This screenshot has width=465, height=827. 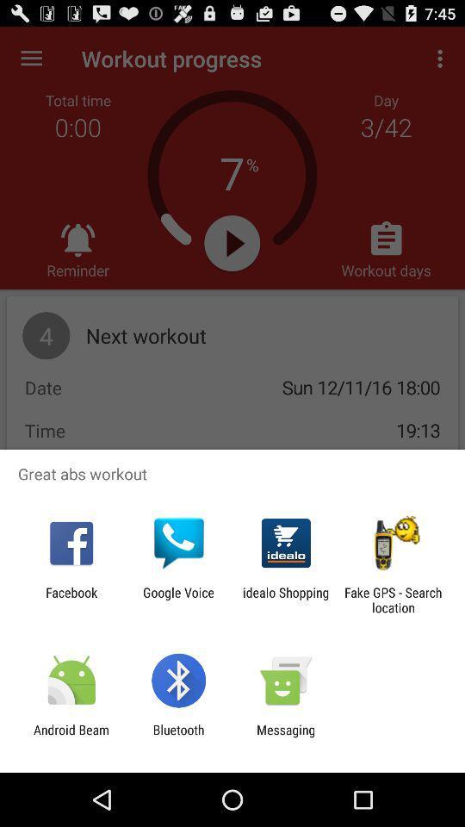 What do you see at coordinates (393, 600) in the screenshot?
I see `fake gps search` at bounding box center [393, 600].